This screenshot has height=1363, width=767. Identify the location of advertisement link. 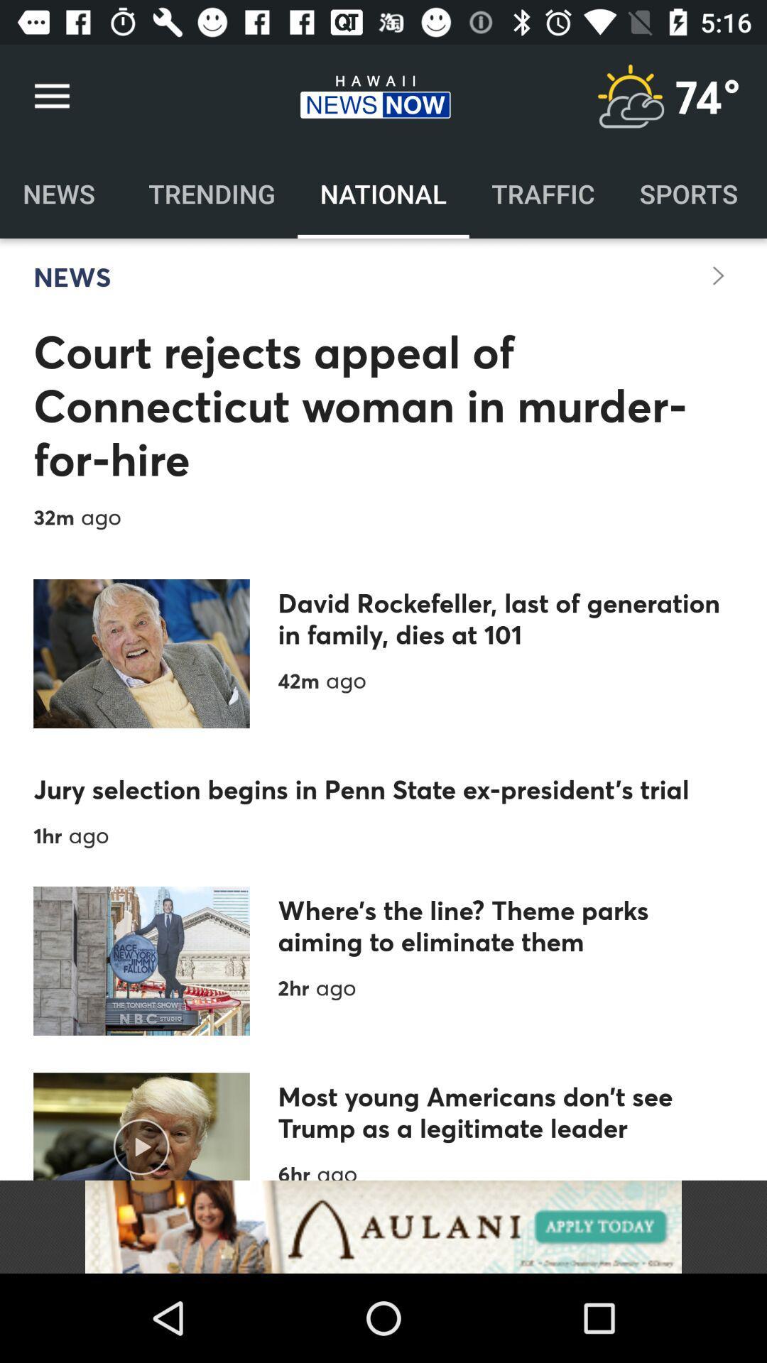
(383, 1226).